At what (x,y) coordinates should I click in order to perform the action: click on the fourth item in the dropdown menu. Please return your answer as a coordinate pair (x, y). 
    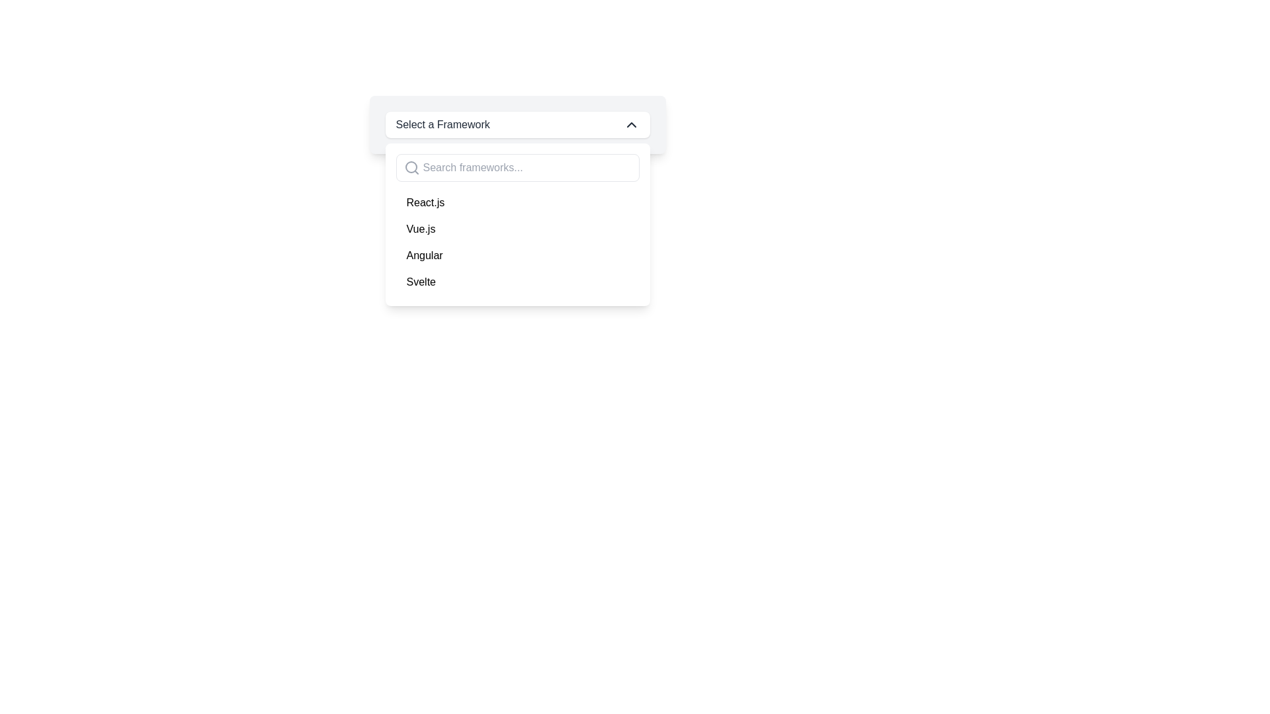
    Looking at the image, I should click on (420, 282).